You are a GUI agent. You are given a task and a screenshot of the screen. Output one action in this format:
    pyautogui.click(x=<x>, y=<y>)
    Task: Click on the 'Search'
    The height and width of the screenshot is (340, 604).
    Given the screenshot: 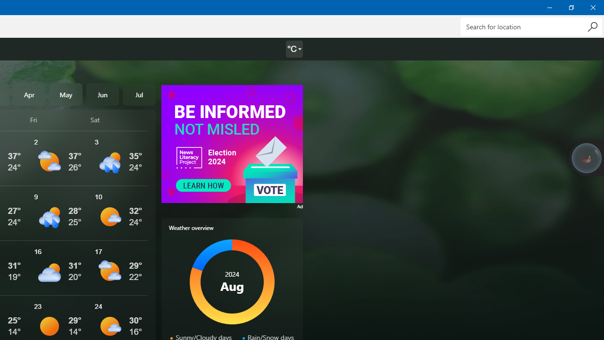 What is the action you would take?
    pyautogui.click(x=592, y=26)
    